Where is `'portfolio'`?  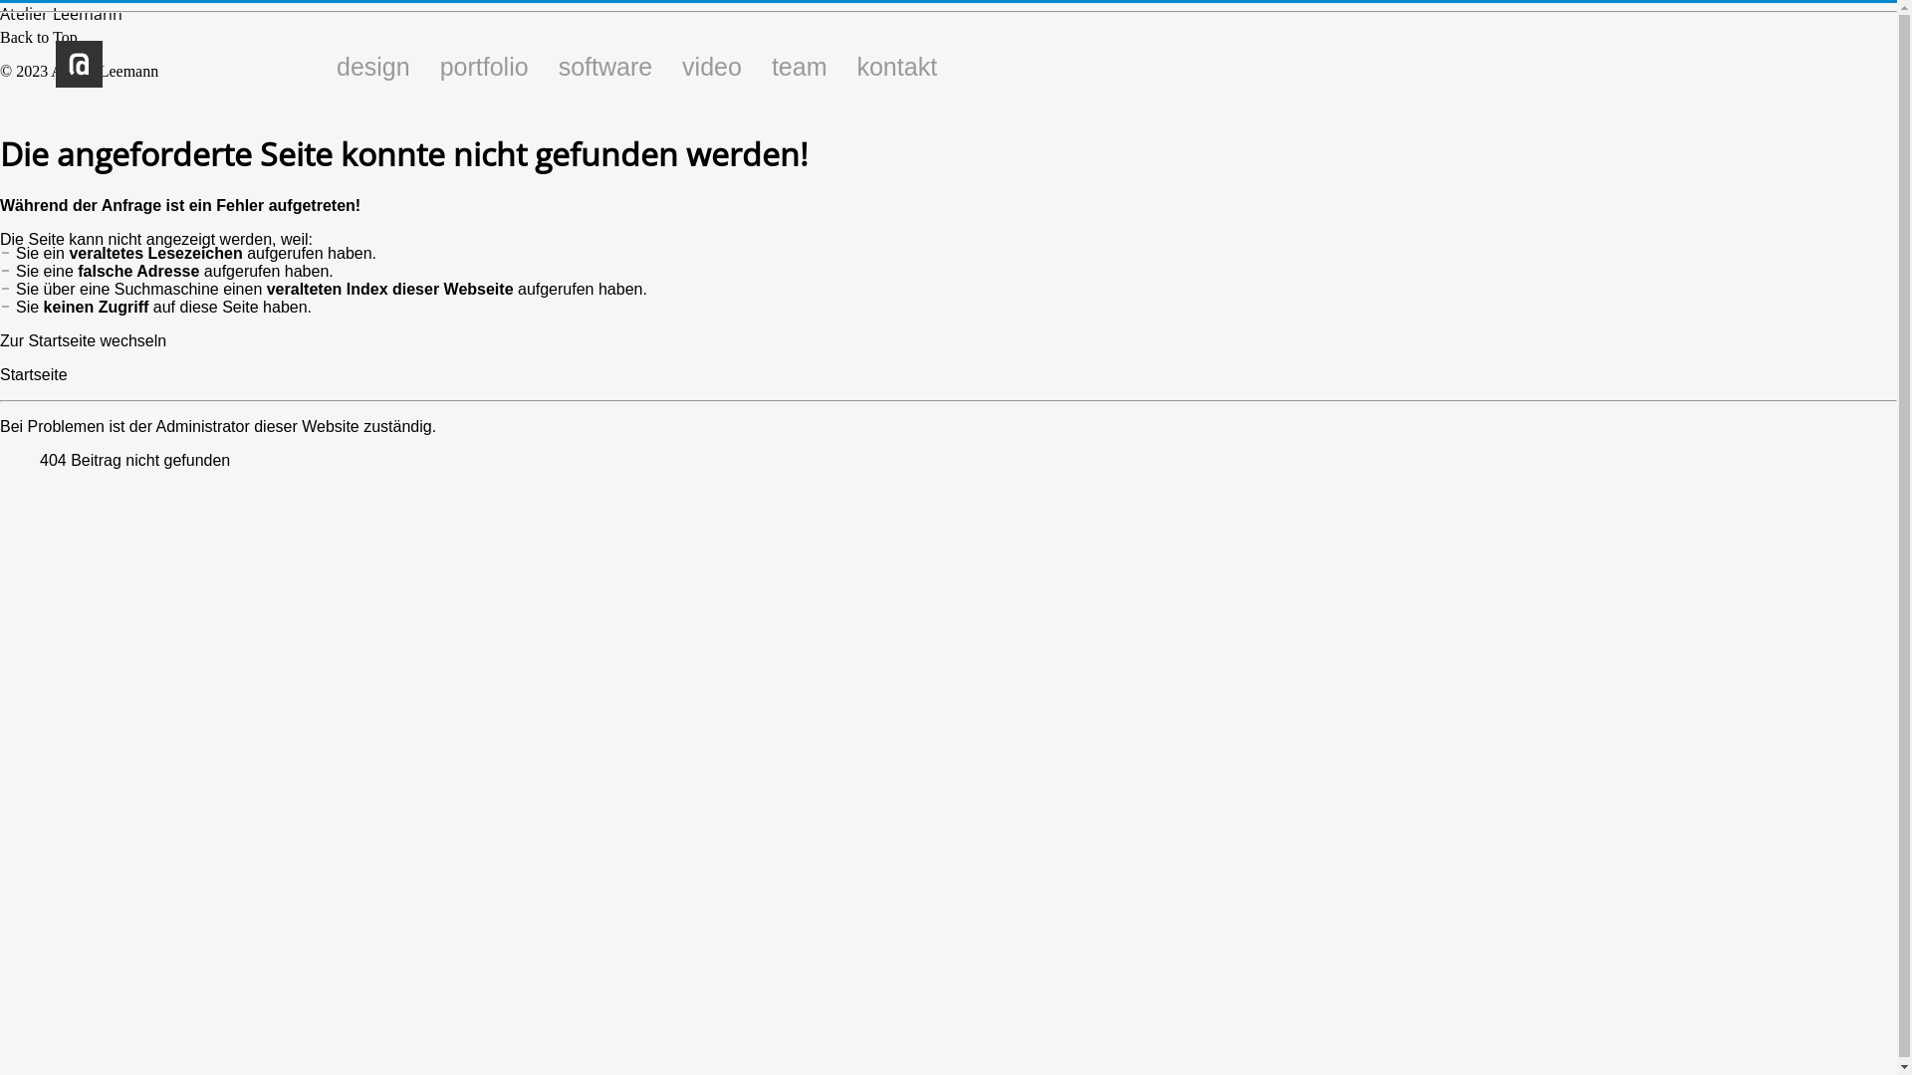 'portfolio' is located at coordinates (484, 65).